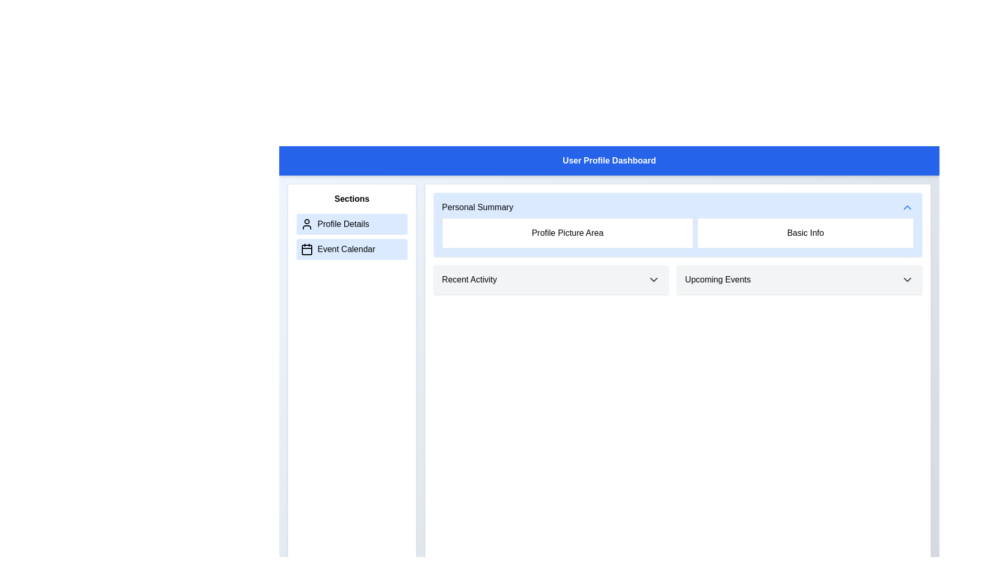 The image size is (1006, 566). I want to click on the Calendar SVG component which represents the 'Event Calendar' section in the sidebar menu, so click(306, 250).